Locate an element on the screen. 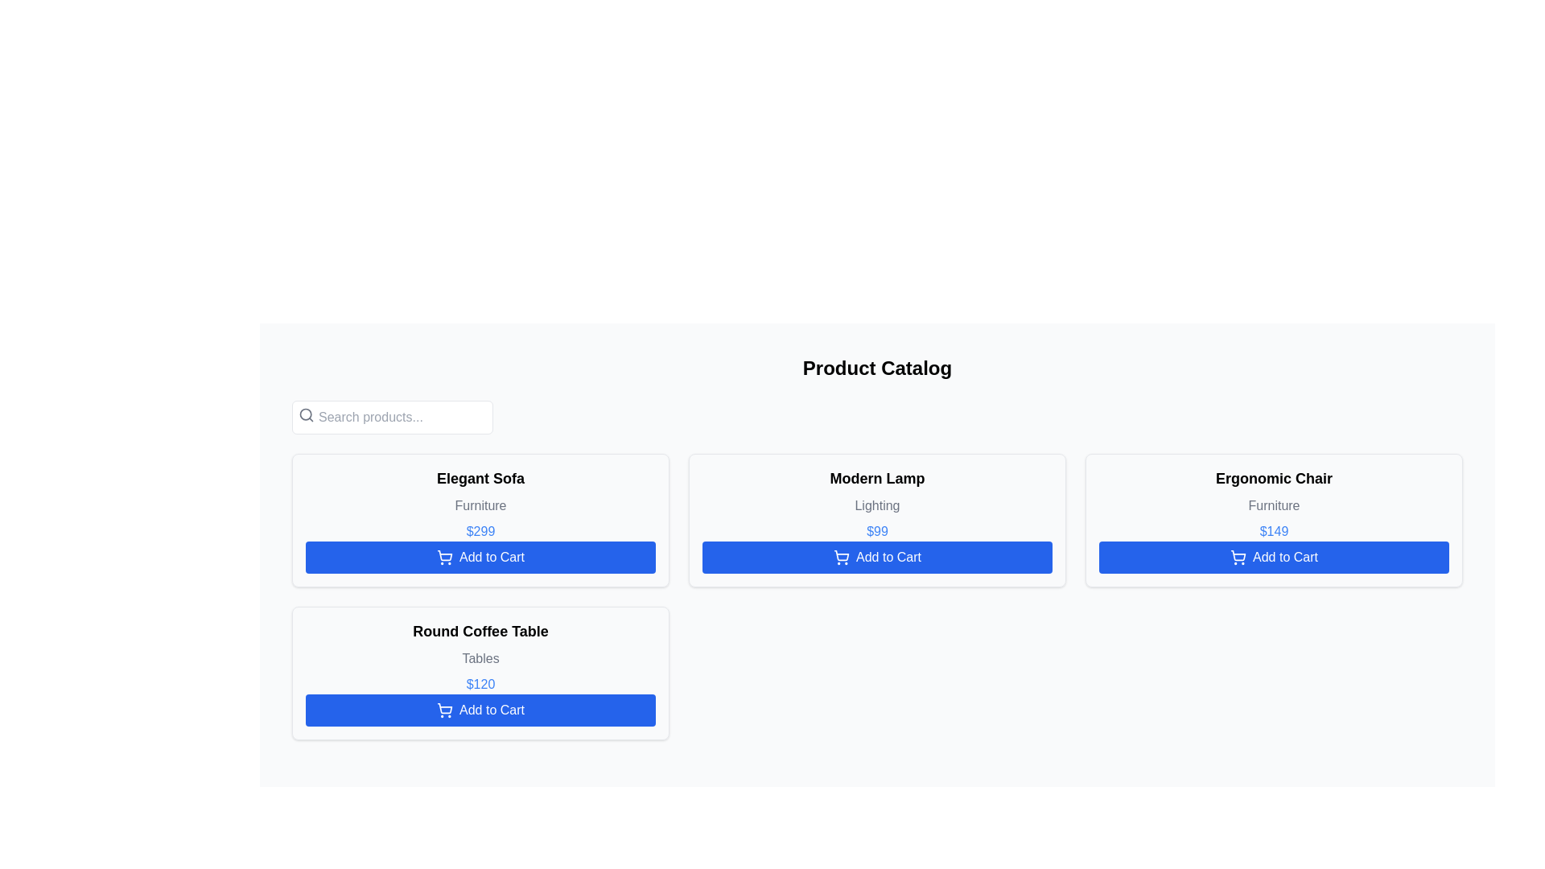 The width and height of the screenshot is (1545, 869). the decorative shopping cart icon located centrally within the 'Add to Cart' button for the 'Ergonomic Chair' item is located at coordinates (1238, 557).